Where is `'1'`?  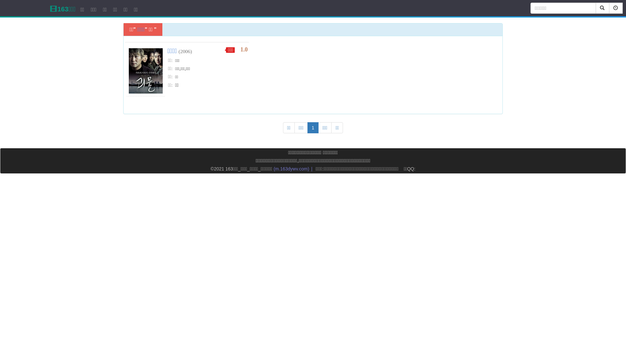
'1' is located at coordinates (307, 128).